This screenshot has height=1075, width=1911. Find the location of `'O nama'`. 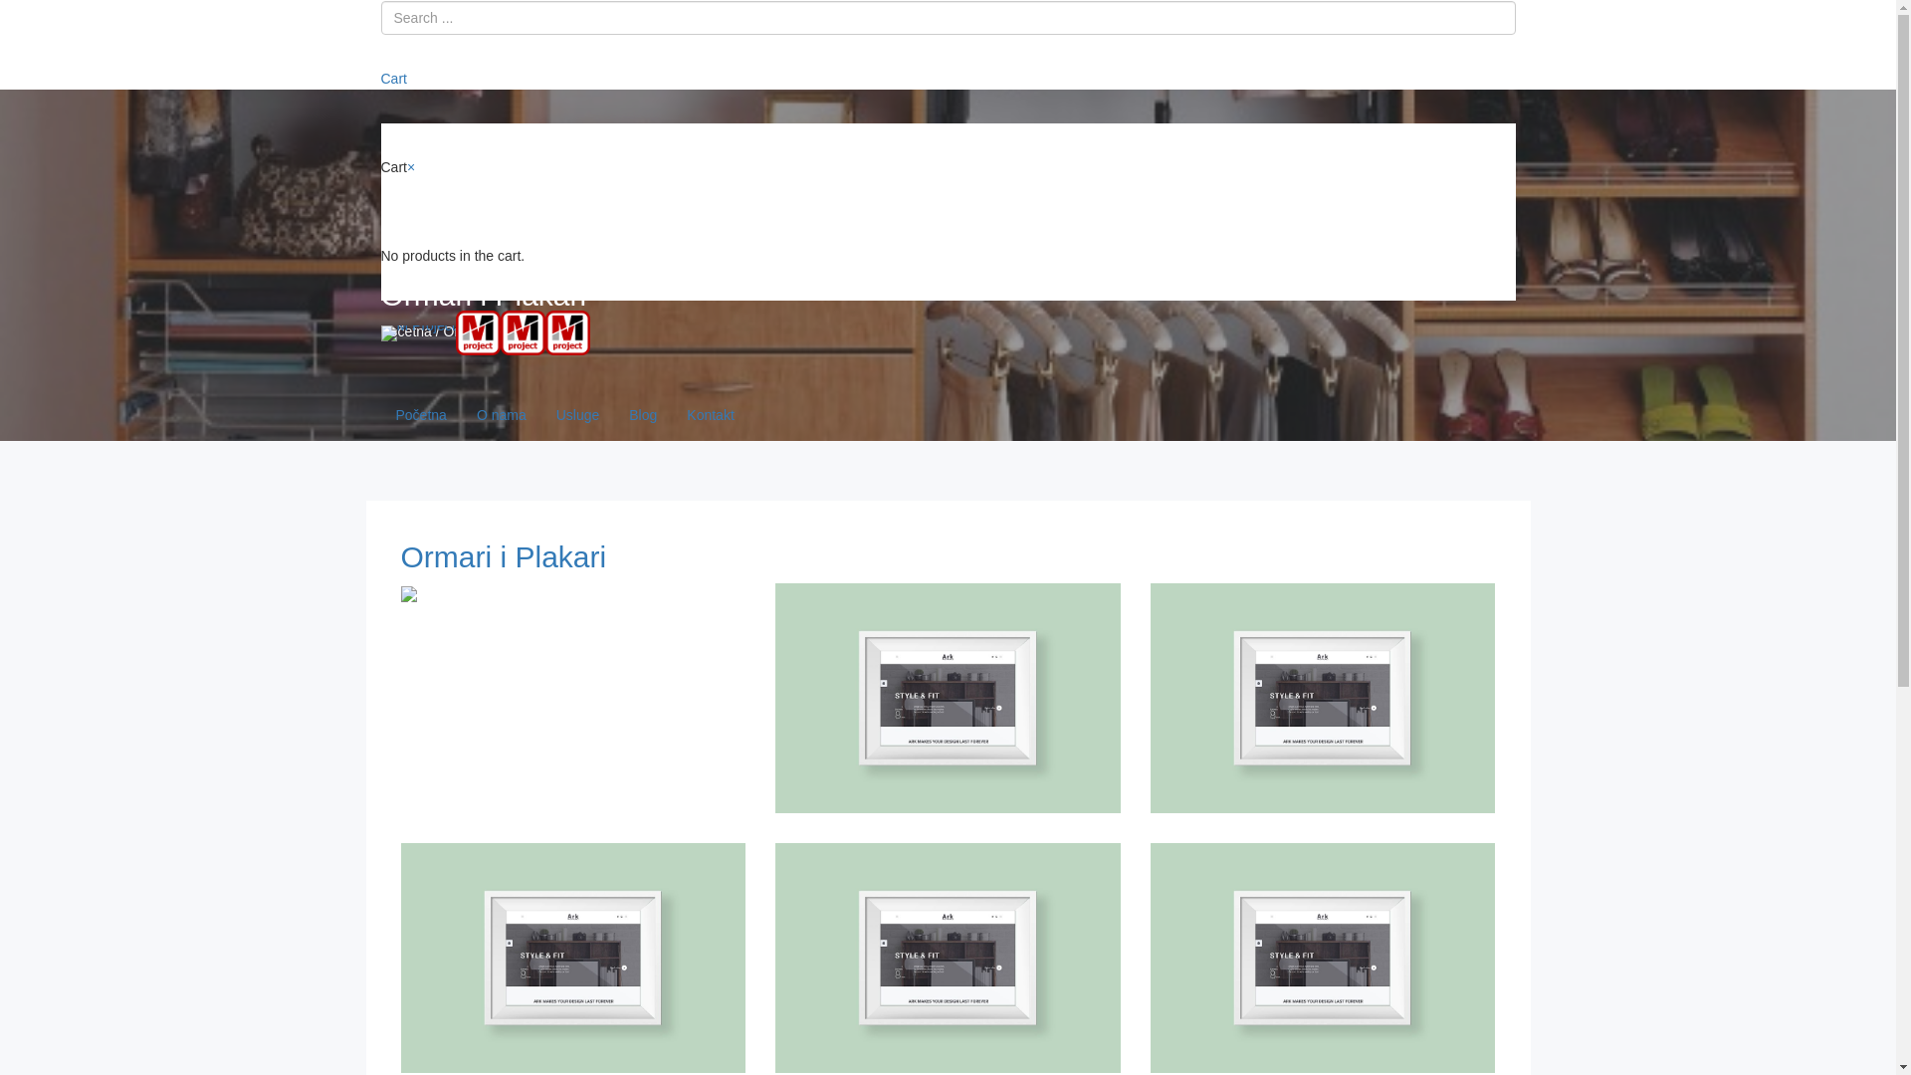

'O nama' is located at coordinates (502, 413).